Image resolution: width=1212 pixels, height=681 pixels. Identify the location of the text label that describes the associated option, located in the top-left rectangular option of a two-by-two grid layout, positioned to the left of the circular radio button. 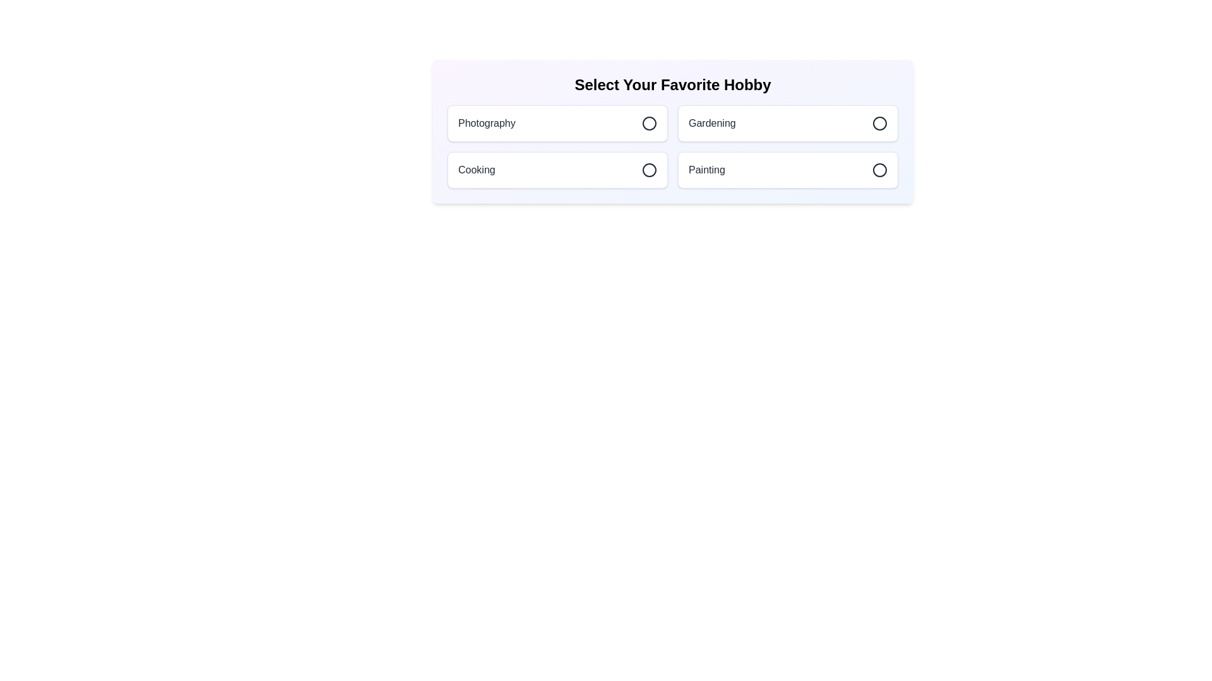
(486, 124).